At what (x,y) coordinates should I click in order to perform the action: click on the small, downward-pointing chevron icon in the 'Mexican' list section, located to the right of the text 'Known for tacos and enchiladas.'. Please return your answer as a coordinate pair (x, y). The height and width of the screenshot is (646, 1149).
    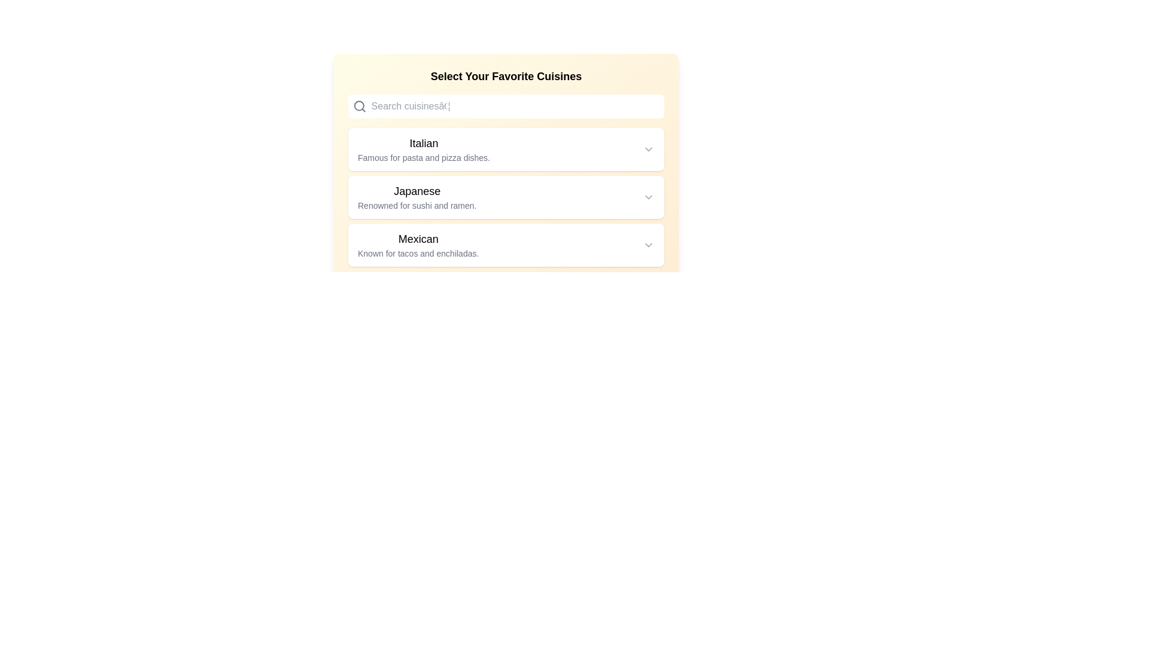
    Looking at the image, I should click on (648, 244).